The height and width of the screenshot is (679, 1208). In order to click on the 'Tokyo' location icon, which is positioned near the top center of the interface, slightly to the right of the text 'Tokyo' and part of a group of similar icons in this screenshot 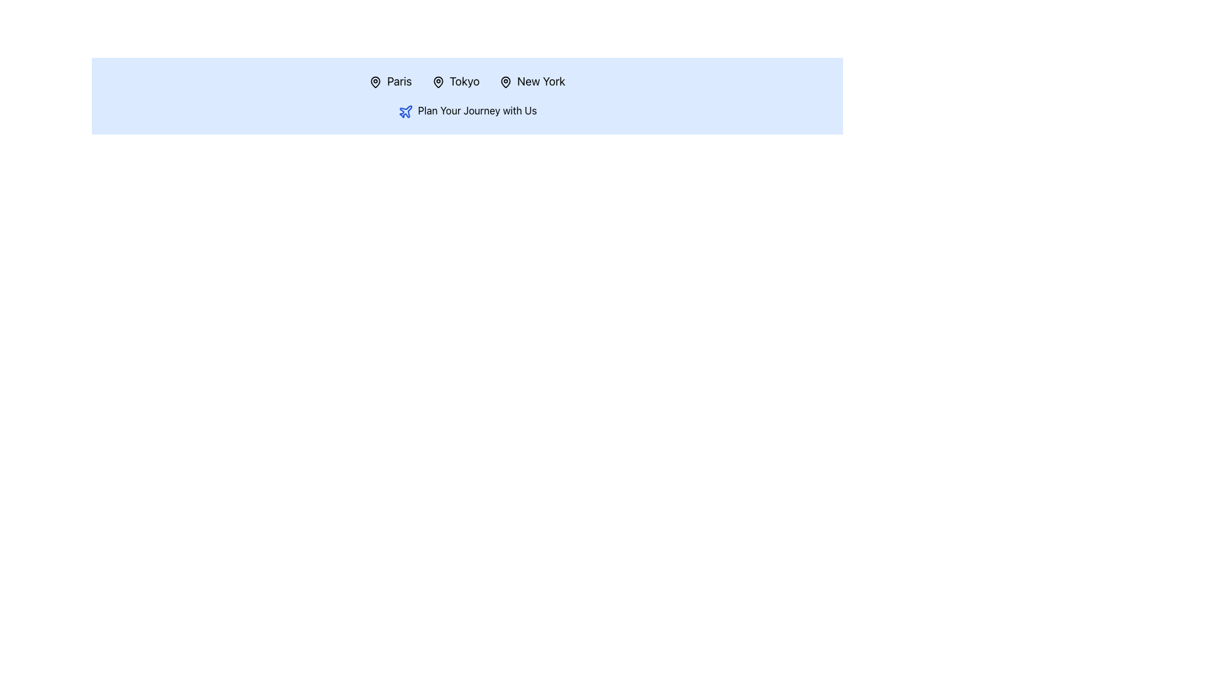, I will do `click(438, 82)`.